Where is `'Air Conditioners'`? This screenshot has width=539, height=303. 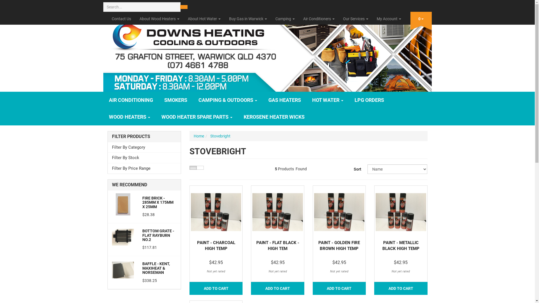 'Air Conditioners' is located at coordinates (298, 18).